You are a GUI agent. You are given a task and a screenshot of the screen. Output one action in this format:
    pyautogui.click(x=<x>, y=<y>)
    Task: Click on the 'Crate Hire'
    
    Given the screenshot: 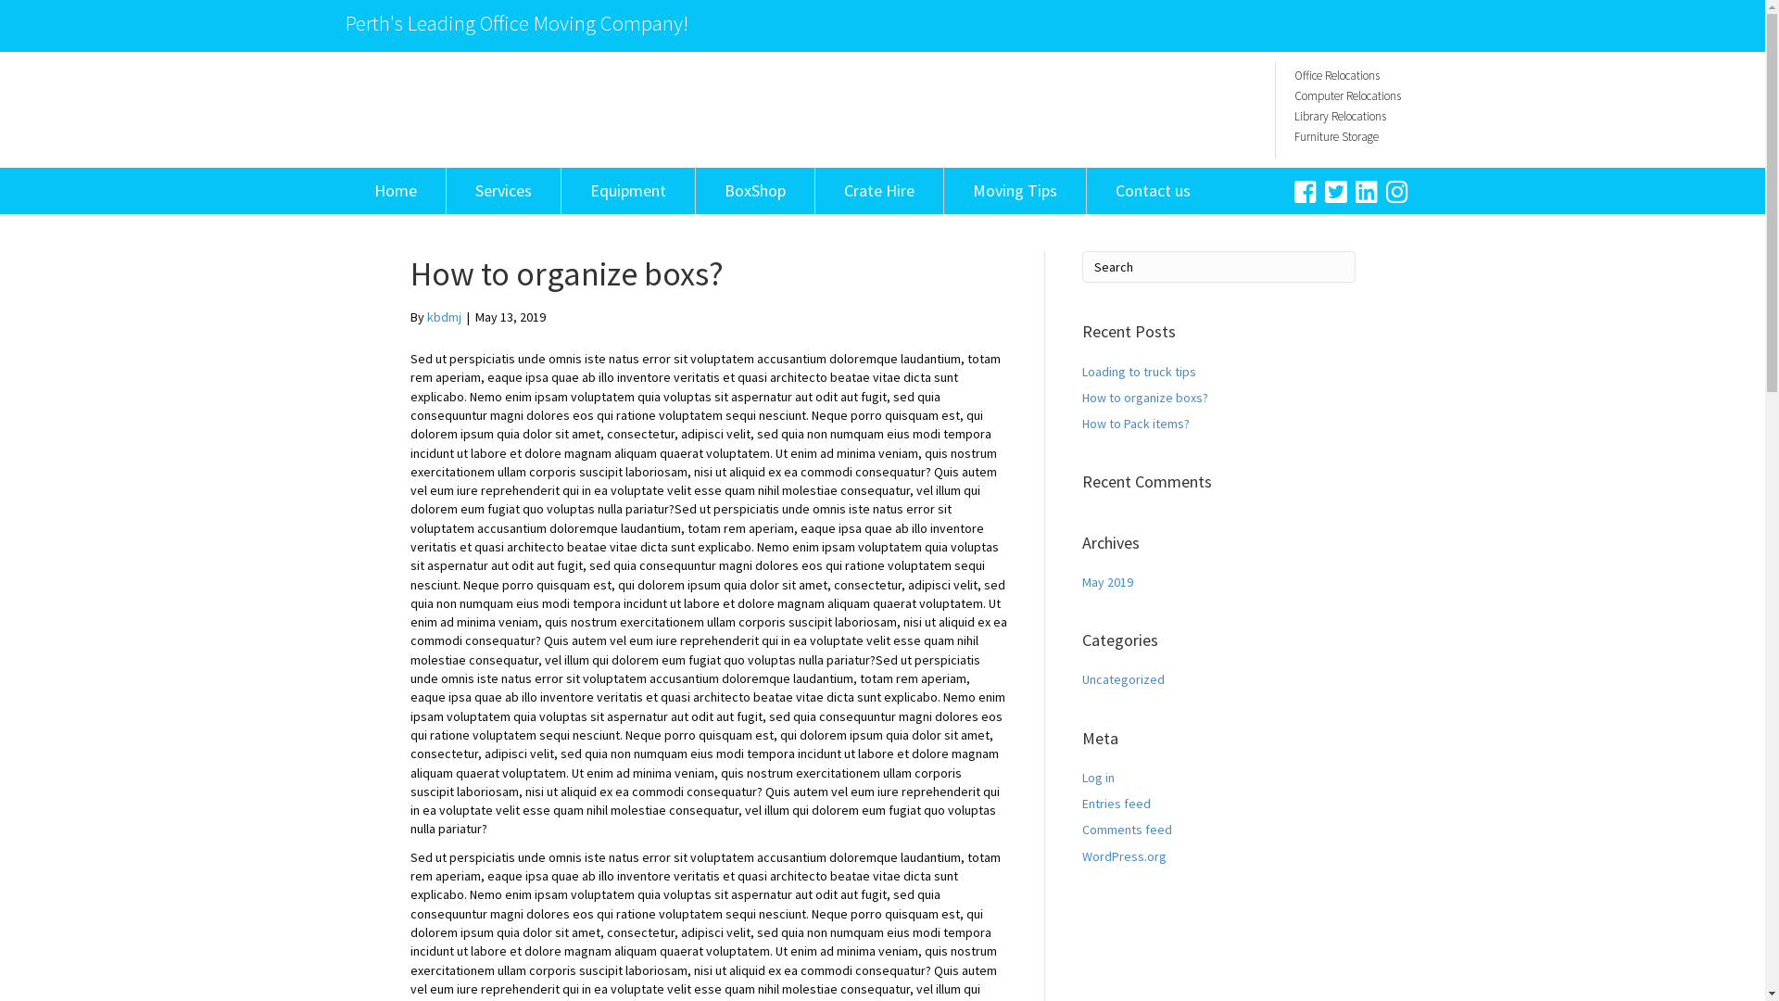 What is the action you would take?
    pyautogui.click(x=878, y=190)
    